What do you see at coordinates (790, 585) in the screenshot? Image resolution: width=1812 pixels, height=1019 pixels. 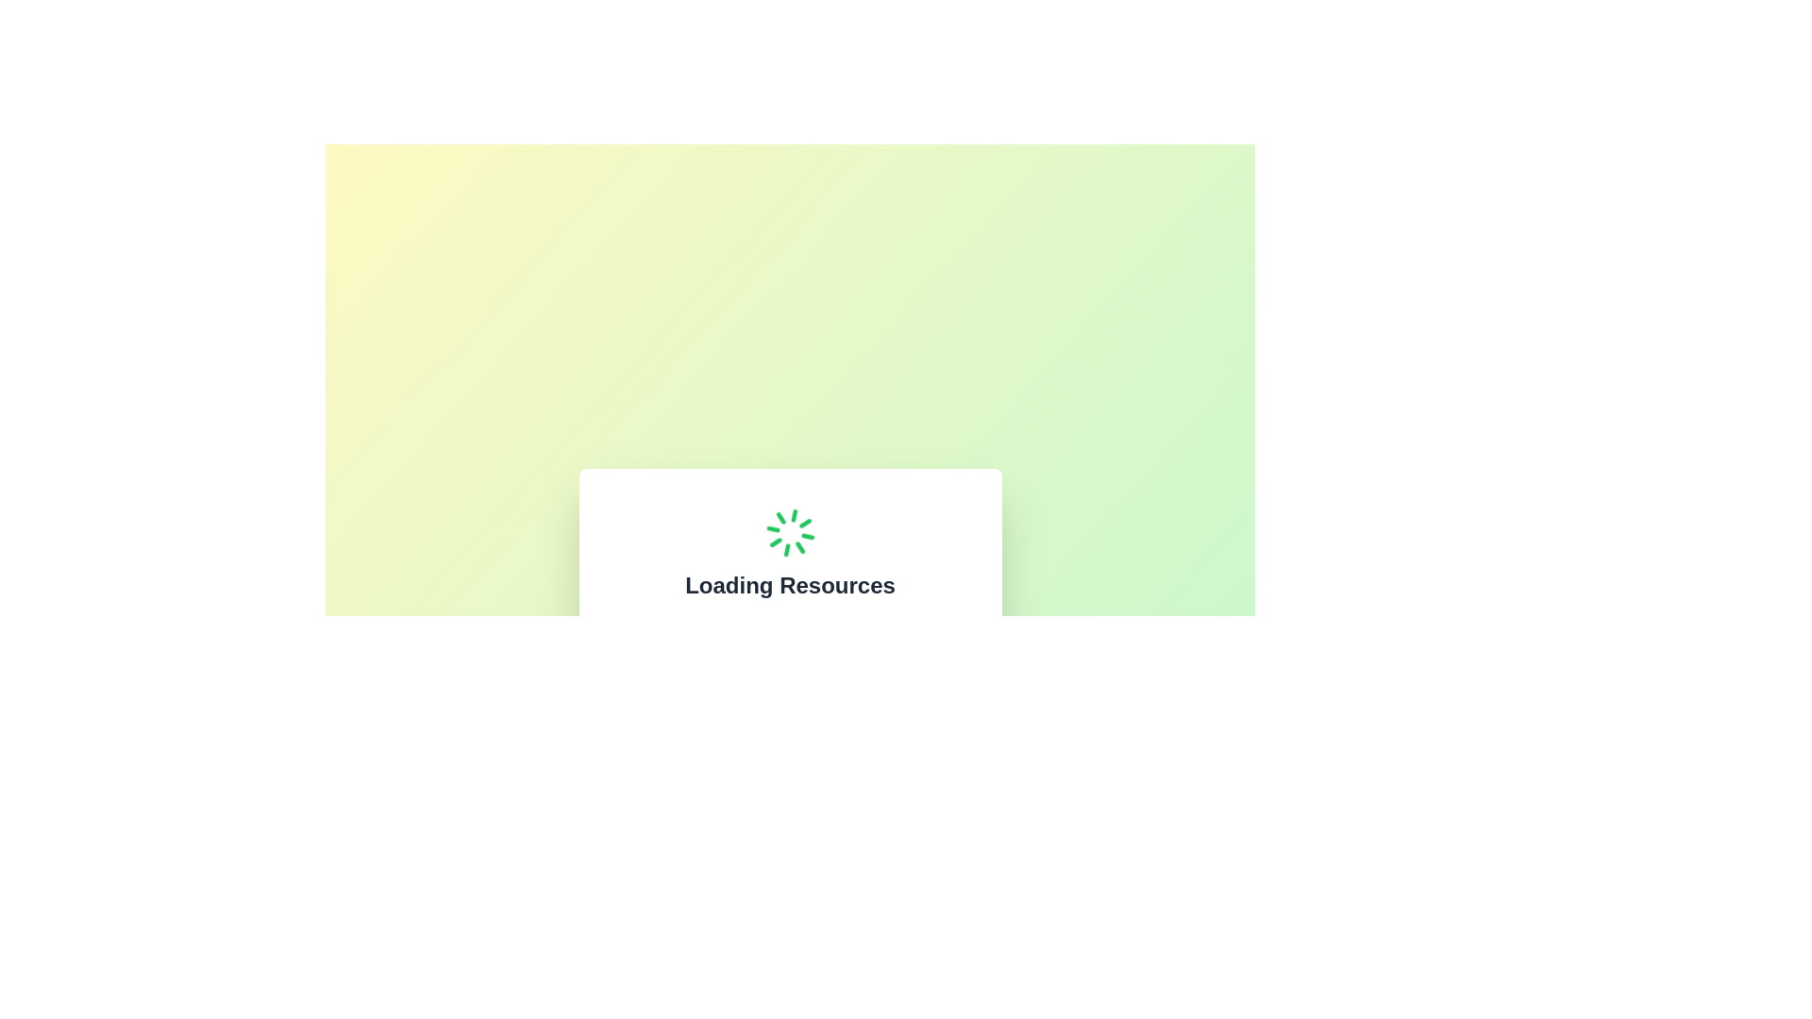 I see `the Static text heading displaying 'Loading Resources', which is centered below a spinning loader graphic and above an explanatory text line` at bounding box center [790, 585].